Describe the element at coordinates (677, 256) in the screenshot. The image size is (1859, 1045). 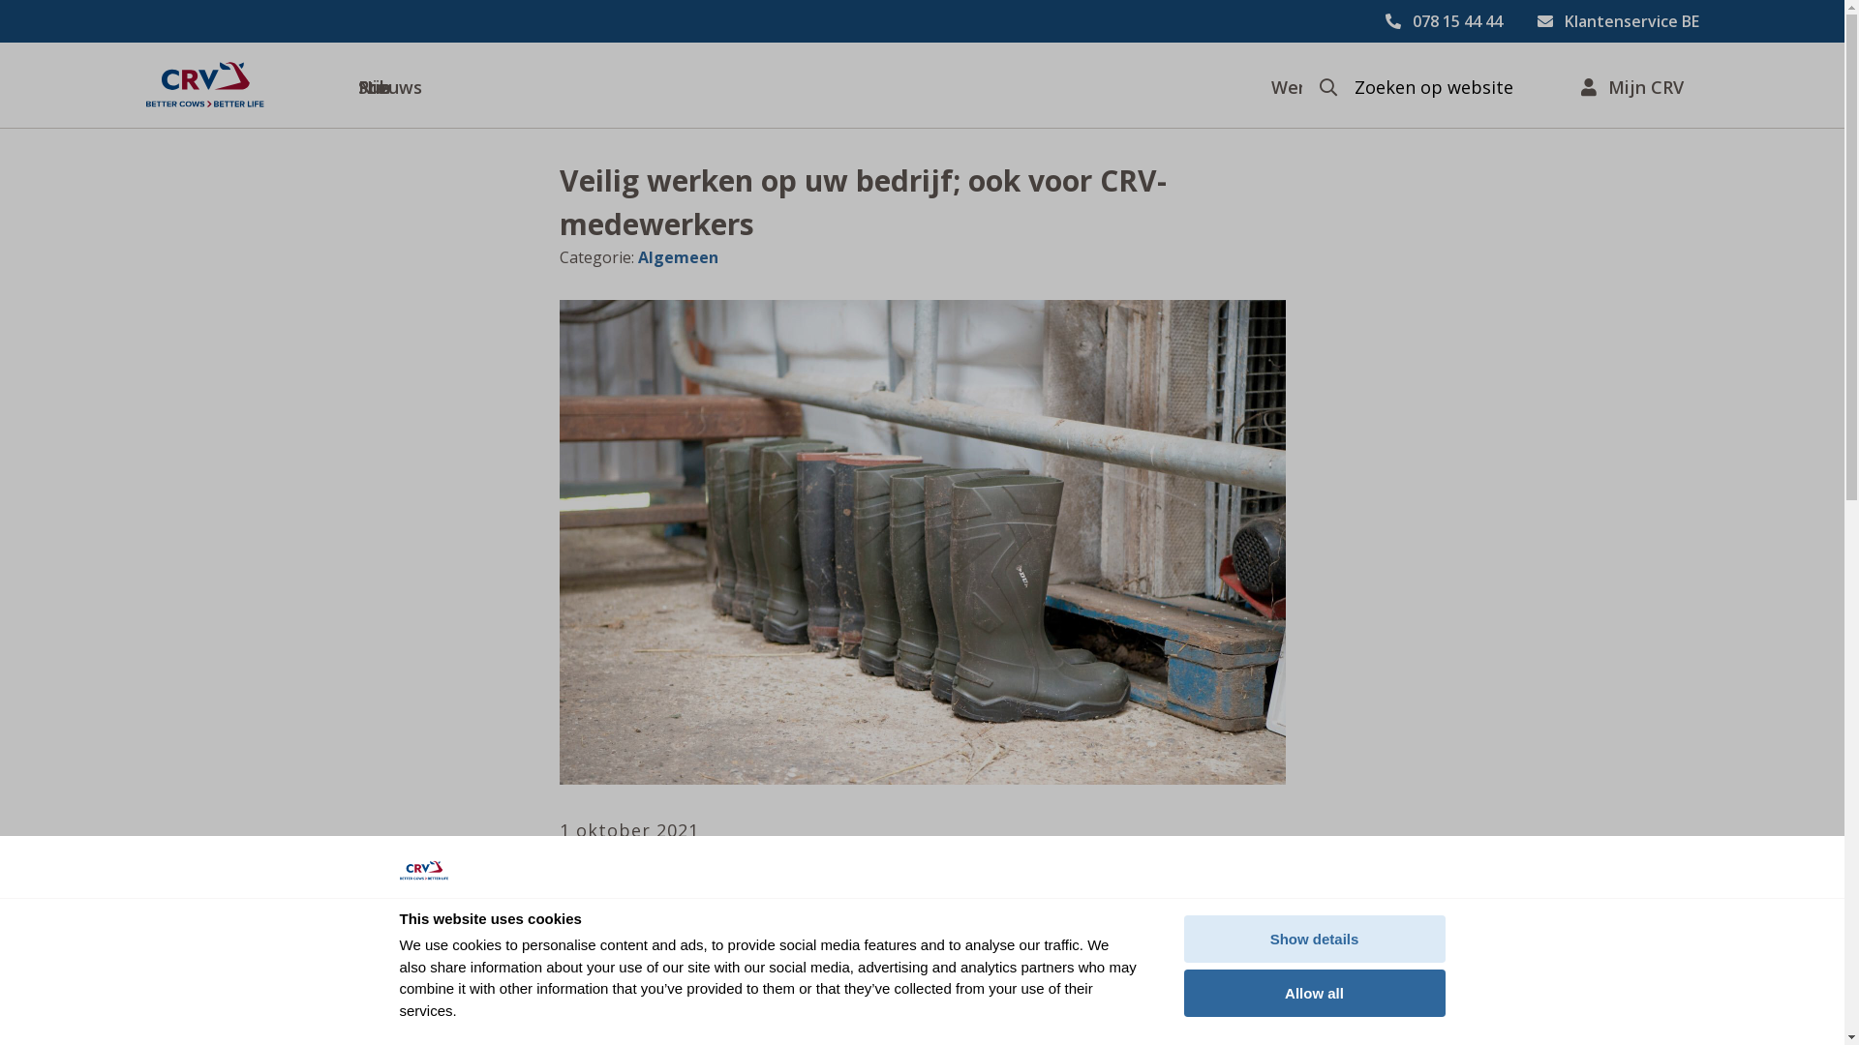
I see `'Algemeen'` at that location.